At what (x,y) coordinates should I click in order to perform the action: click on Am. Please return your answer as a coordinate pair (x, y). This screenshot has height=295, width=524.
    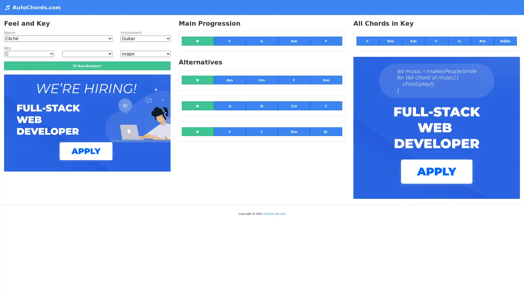
    Looking at the image, I should click on (293, 41).